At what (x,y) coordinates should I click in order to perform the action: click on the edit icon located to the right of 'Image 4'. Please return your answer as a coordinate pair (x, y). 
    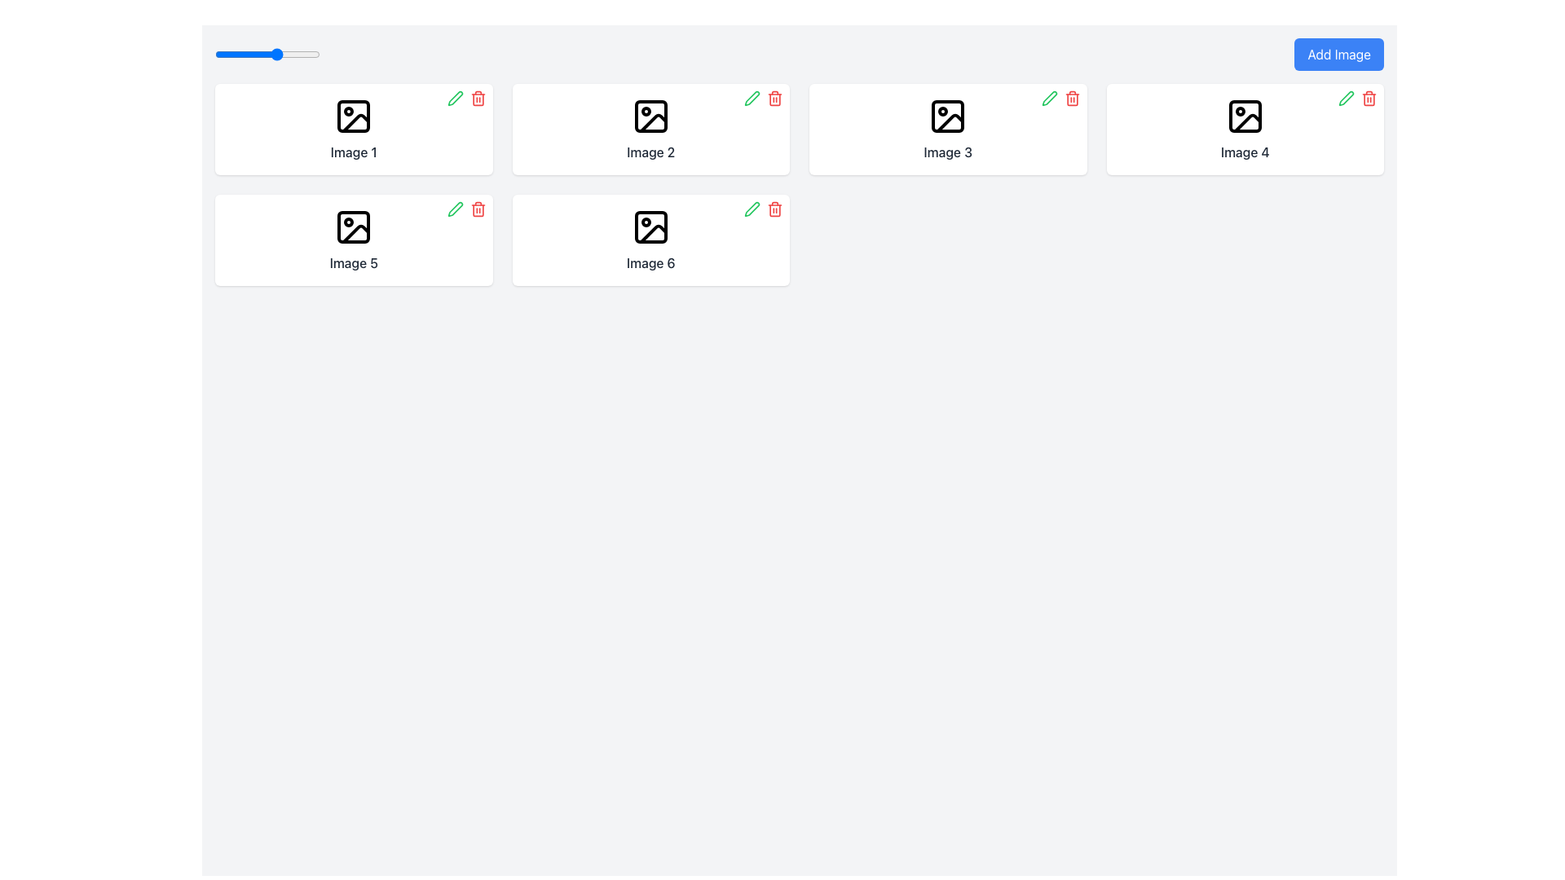
    Looking at the image, I should click on (1346, 97).